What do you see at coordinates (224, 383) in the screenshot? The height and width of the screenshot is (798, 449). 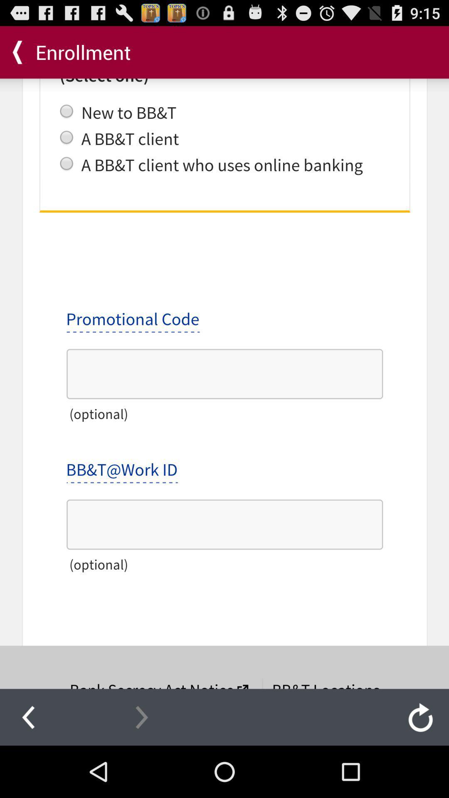 I see `information` at bounding box center [224, 383].